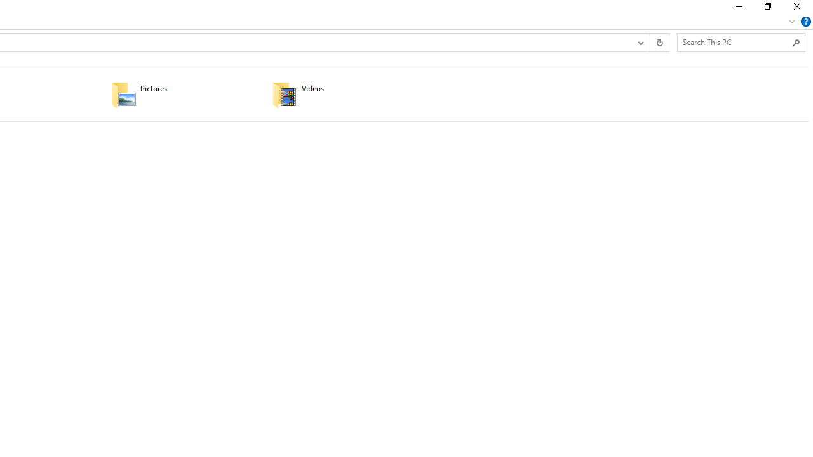  I want to click on 'Refresh "This PC" (F5)', so click(659, 41).